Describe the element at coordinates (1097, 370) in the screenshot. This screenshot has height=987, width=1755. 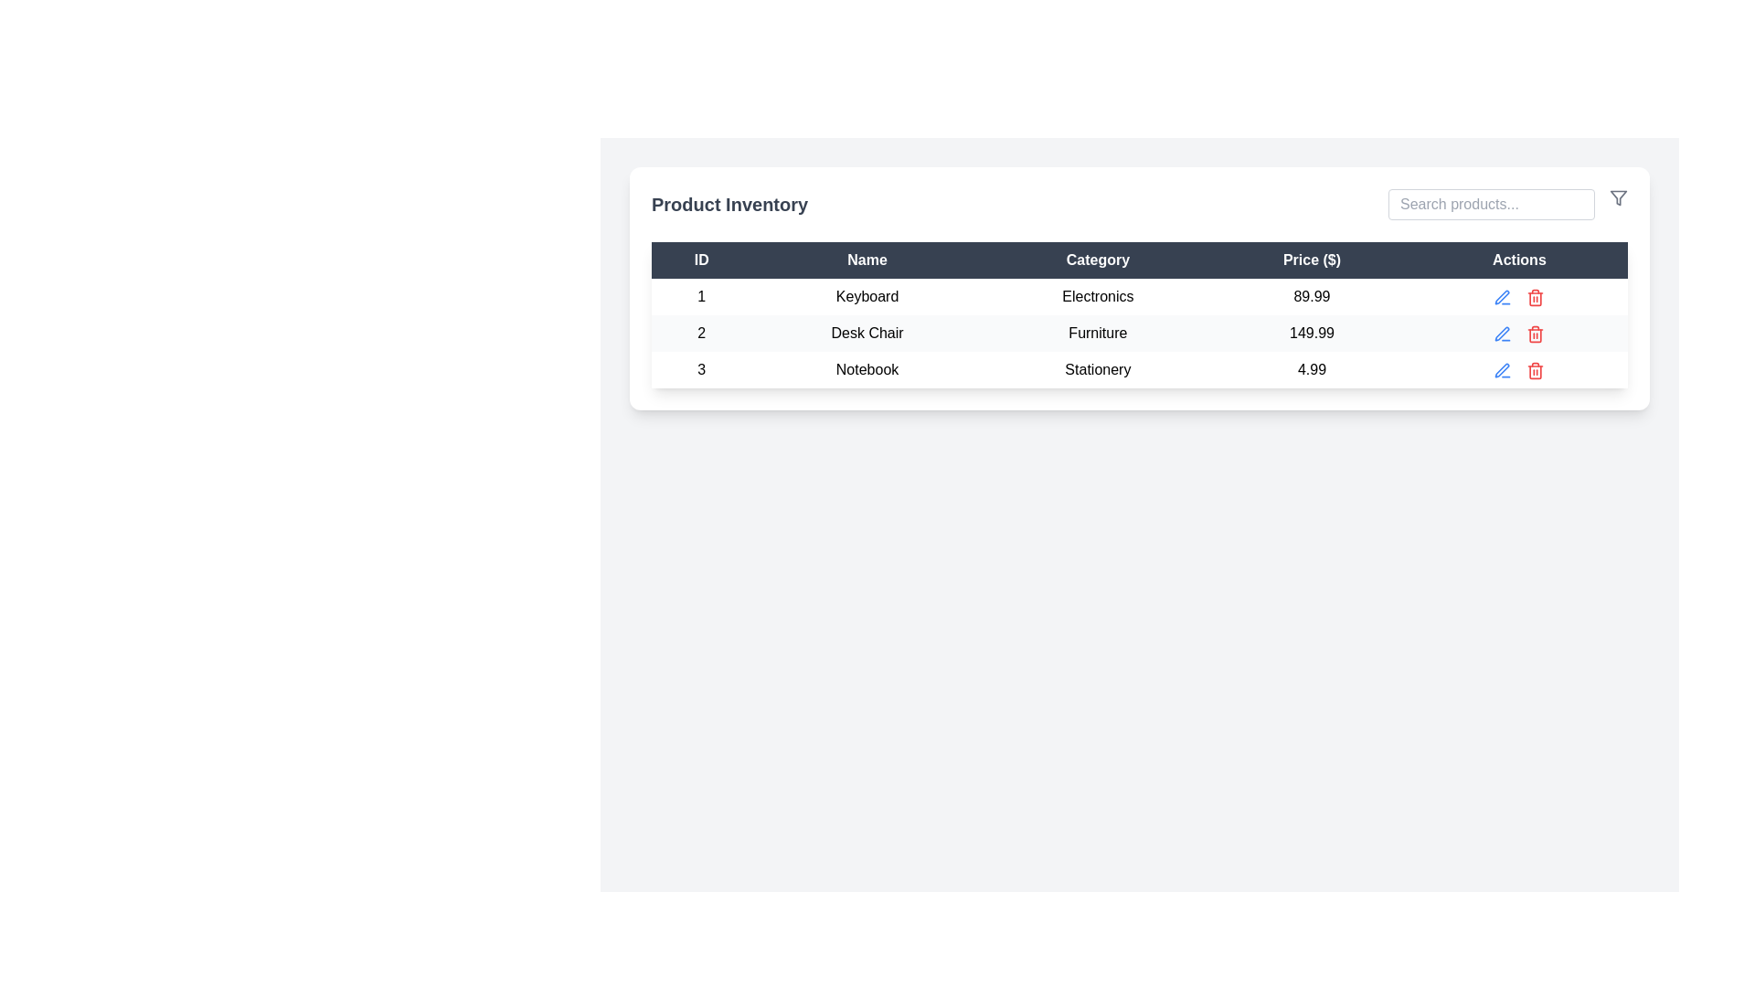
I see `the static text label that indicates the category 'Stationery' for the item 'Notebook' in the third row of the table under the 'Category' column` at that location.